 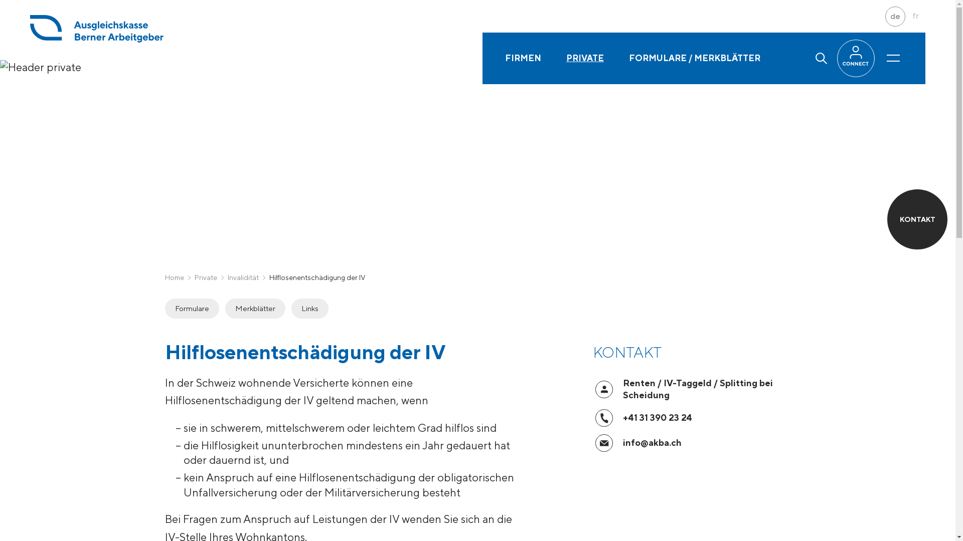 What do you see at coordinates (40, 68) in the screenshot?
I see `'Header private'` at bounding box center [40, 68].